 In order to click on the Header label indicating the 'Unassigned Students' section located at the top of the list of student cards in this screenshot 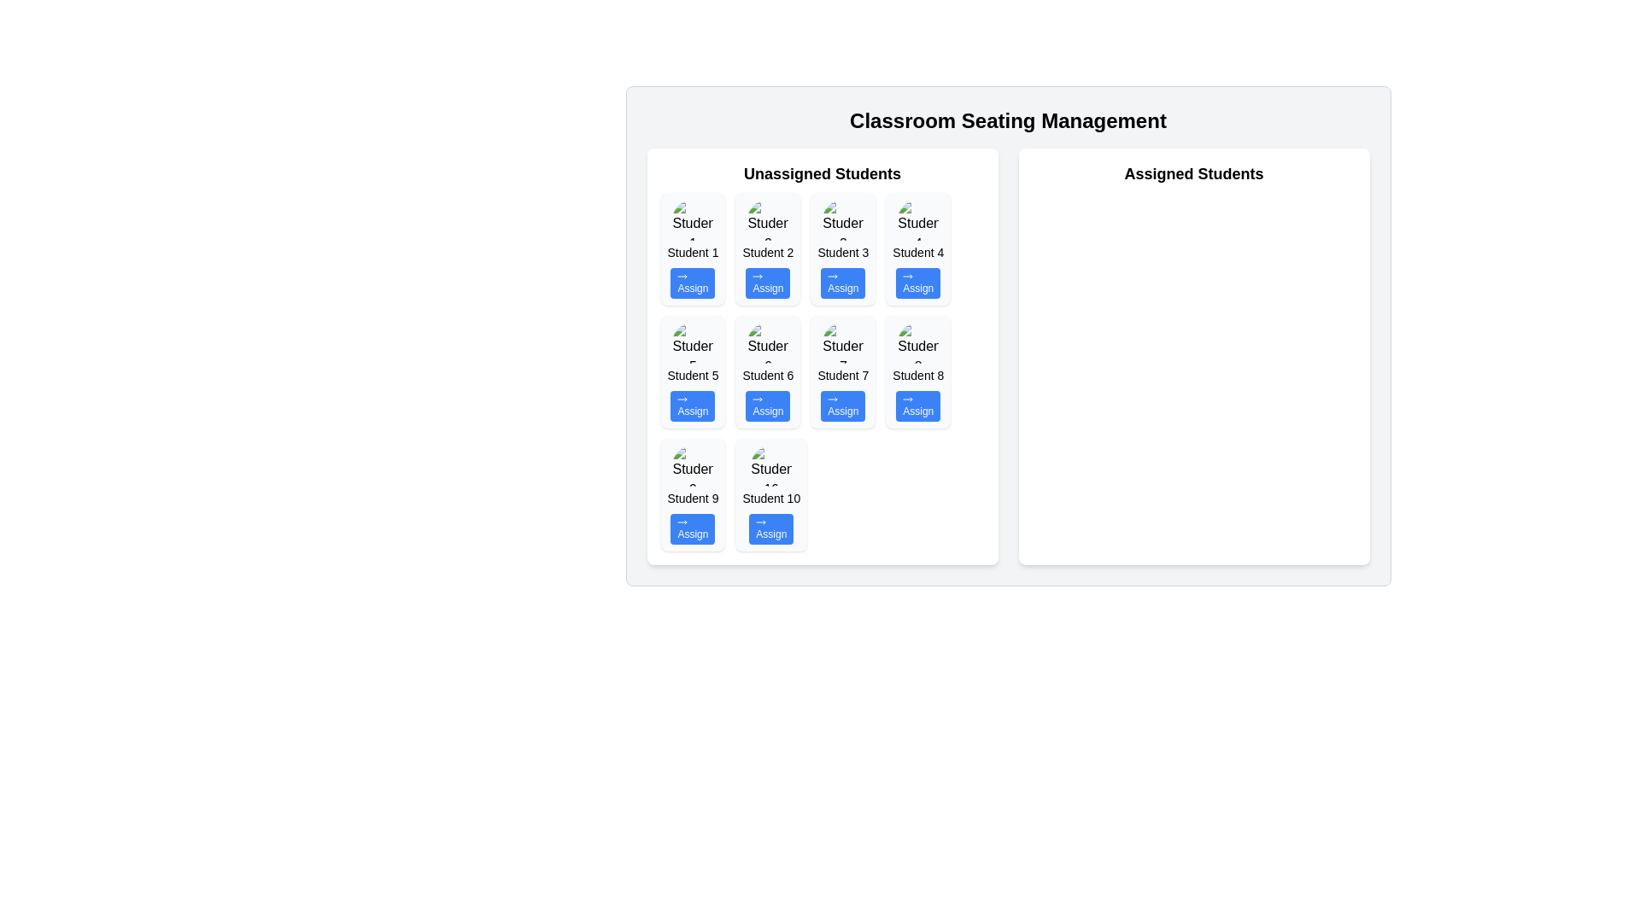, I will do `click(823, 174)`.